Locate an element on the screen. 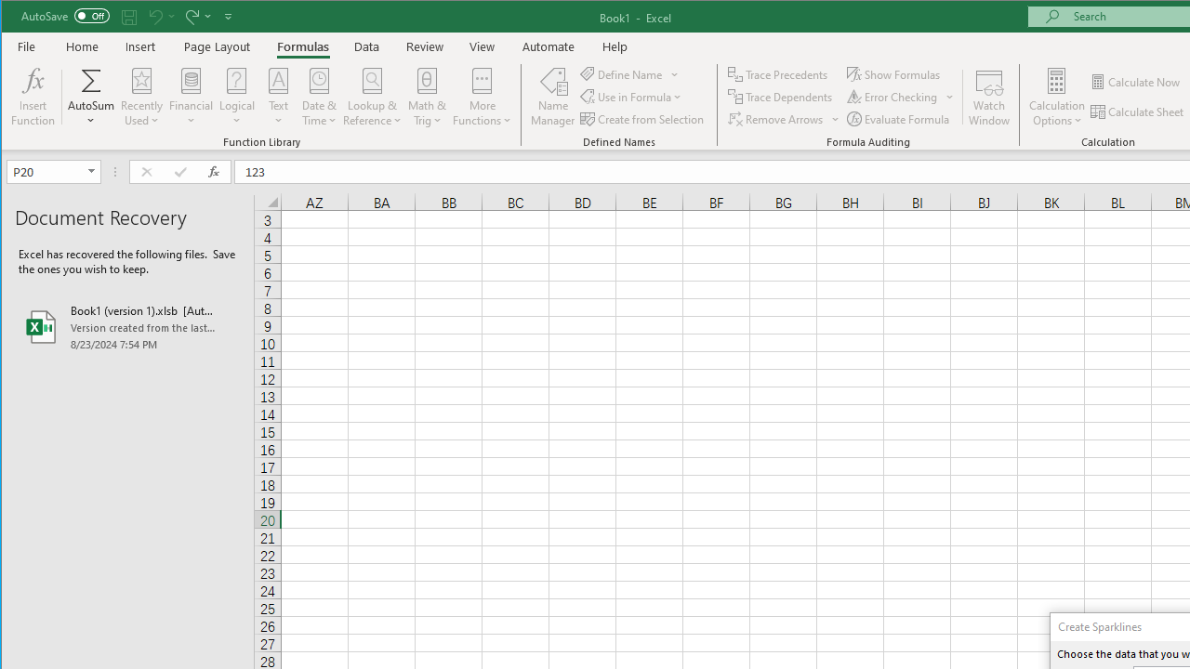 The image size is (1190, 669). 'Review' is located at coordinates (423, 46).